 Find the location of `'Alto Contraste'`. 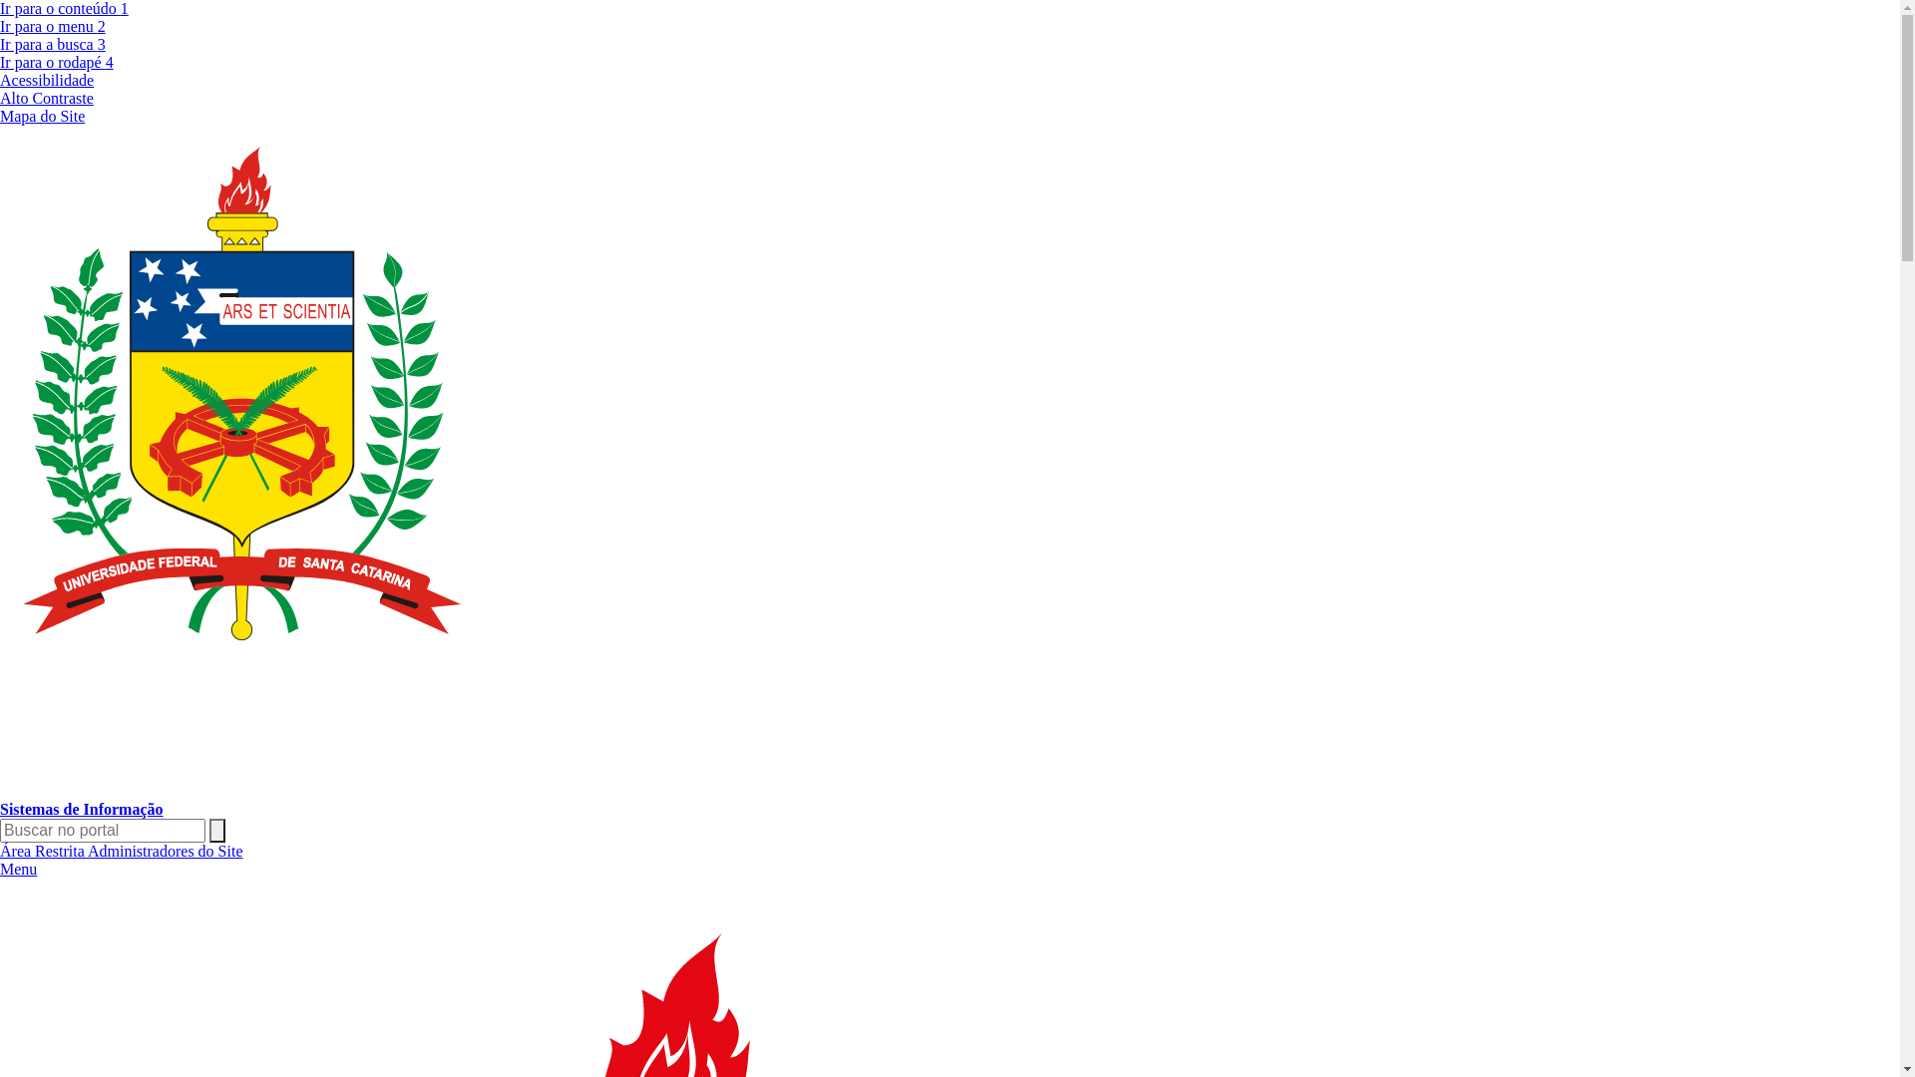

'Alto Contraste' is located at coordinates (0, 98).